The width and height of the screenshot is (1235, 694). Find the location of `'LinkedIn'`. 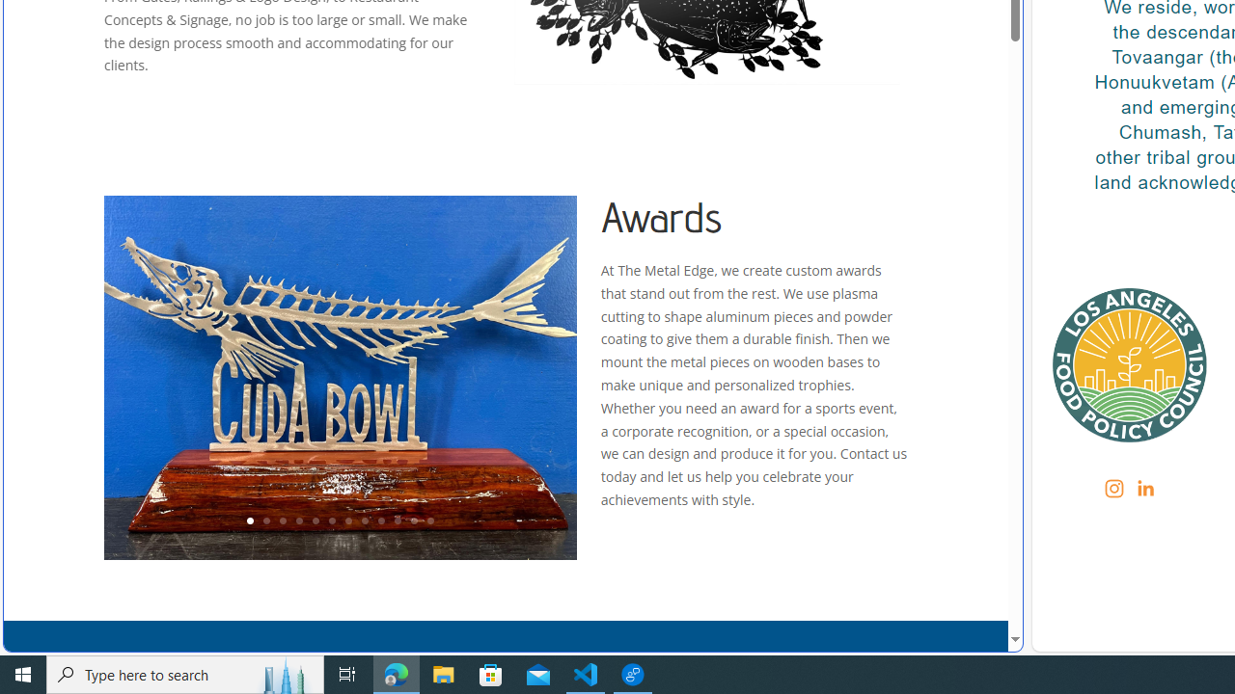

'LinkedIn' is located at coordinates (1145, 487).